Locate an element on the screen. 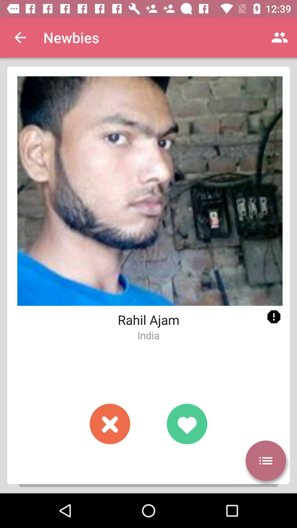 The width and height of the screenshot is (297, 528). like is located at coordinates (186, 424).